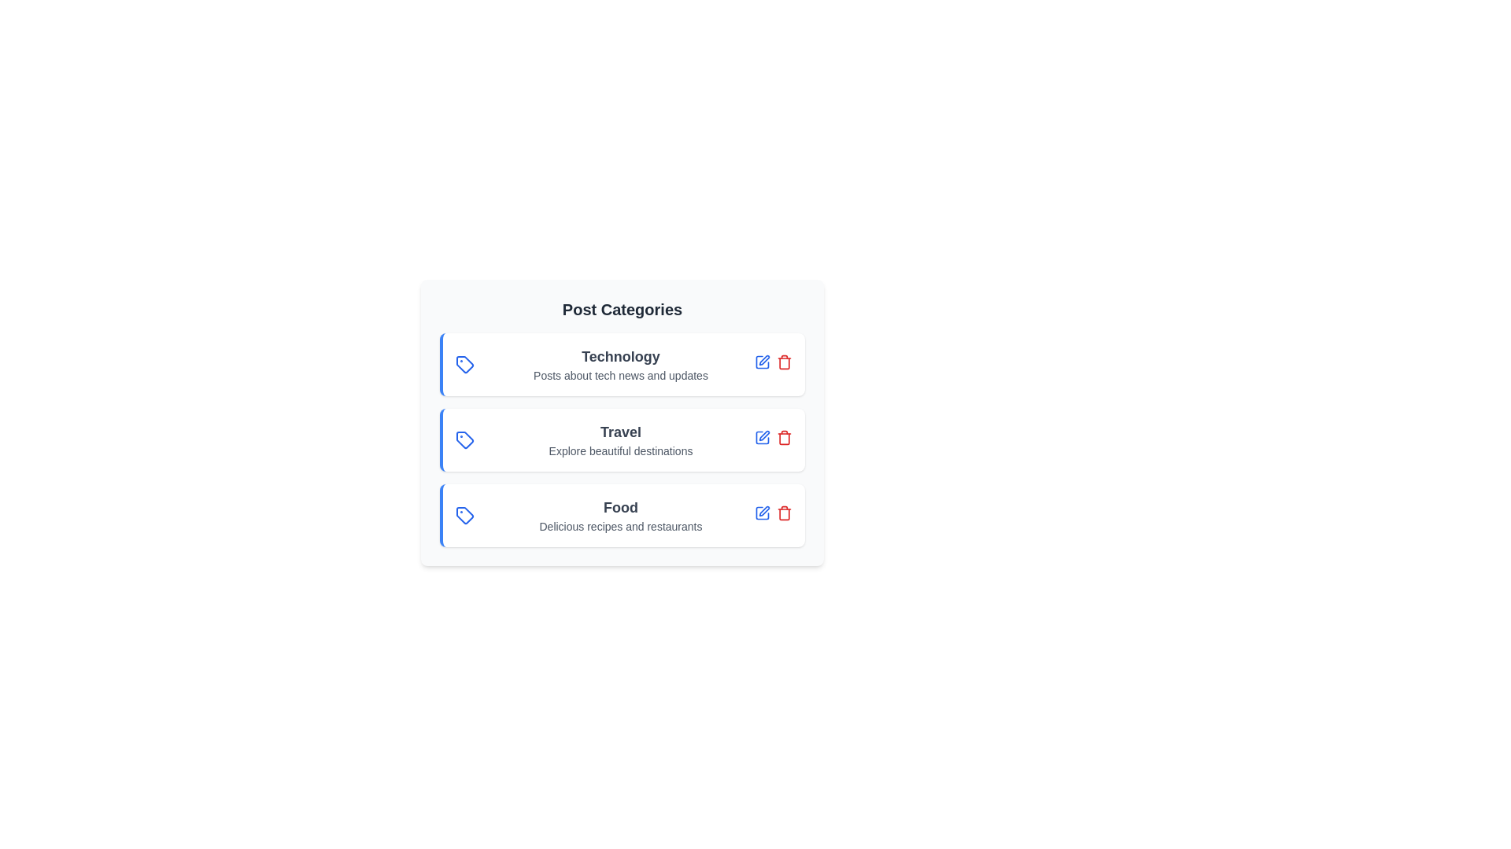 The width and height of the screenshot is (1511, 849). I want to click on delete button for the category 'Food', so click(785, 513).